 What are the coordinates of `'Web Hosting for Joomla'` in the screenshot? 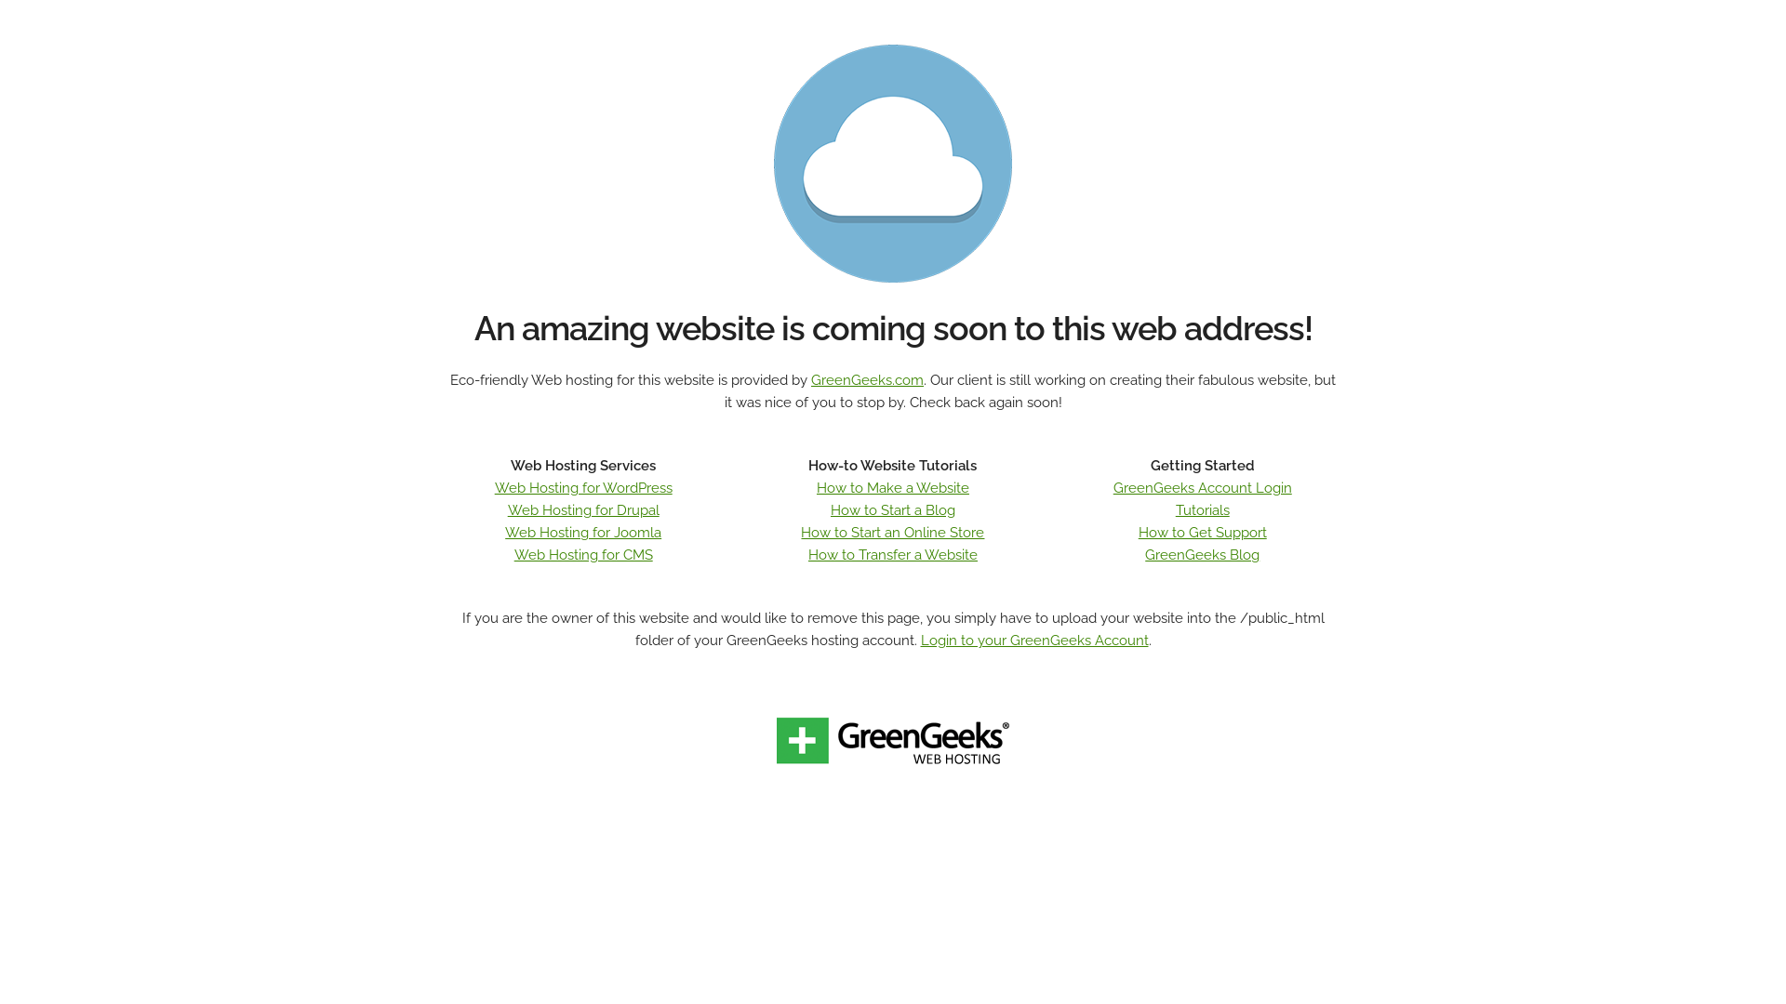 It's located at (582, 533).